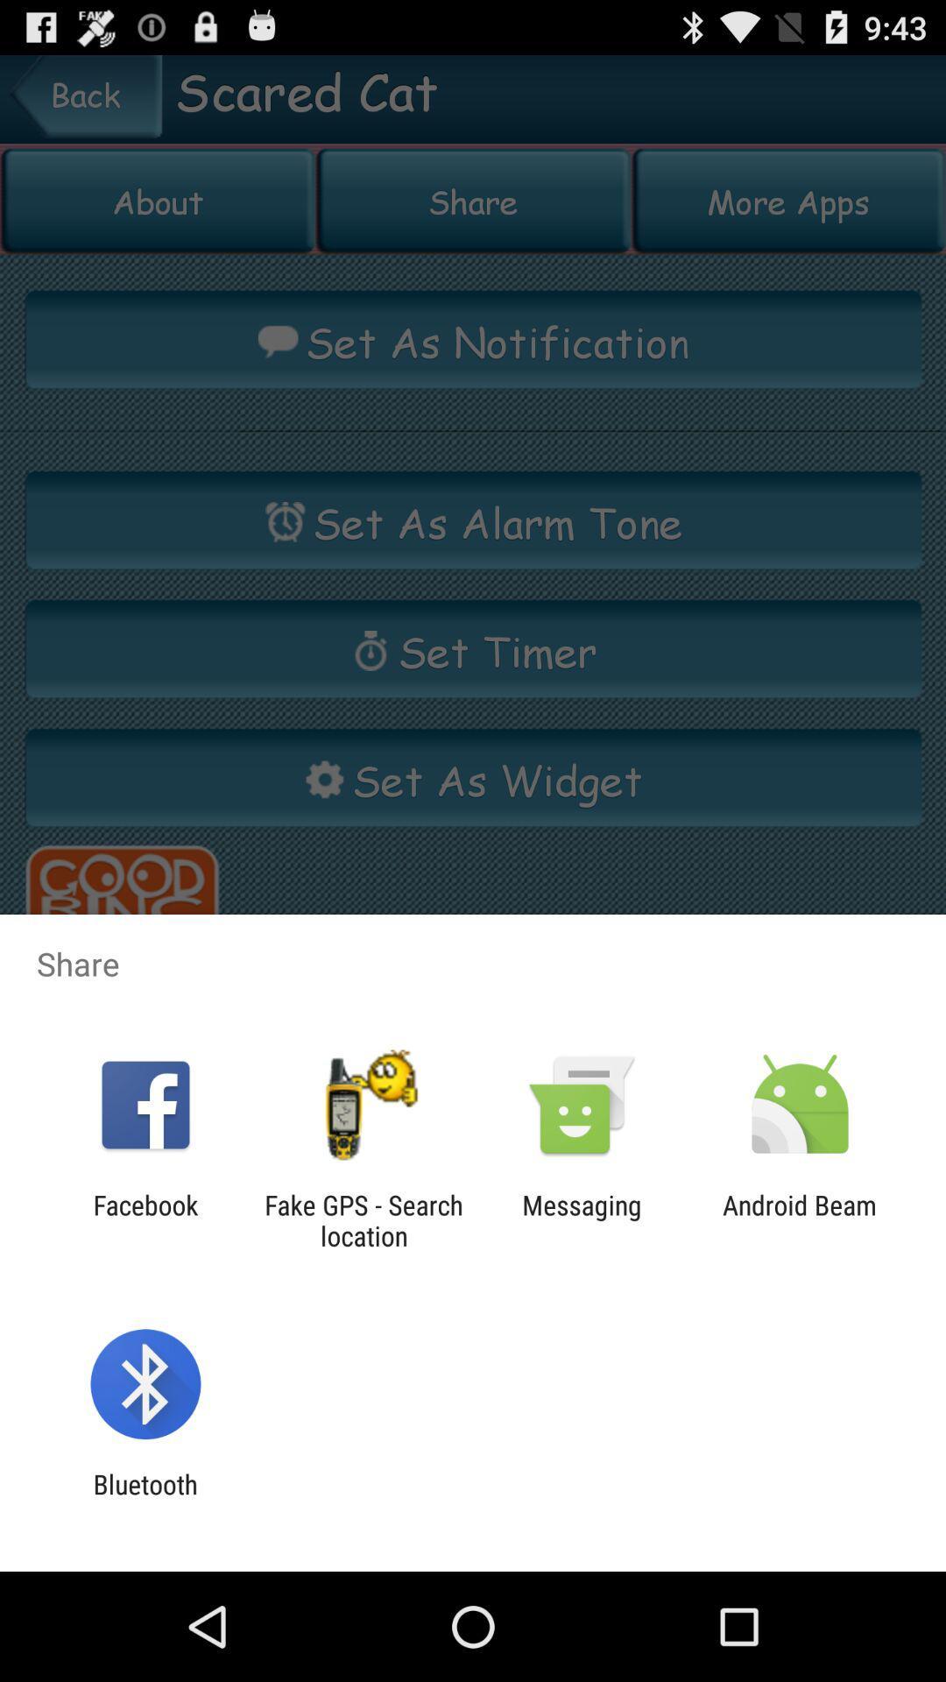 This screenshot has width=946, height=1682. What do you see at coordinates (145, 1219) in the screenshot?
I see `facebook app` at bounding box center [145, 1219].